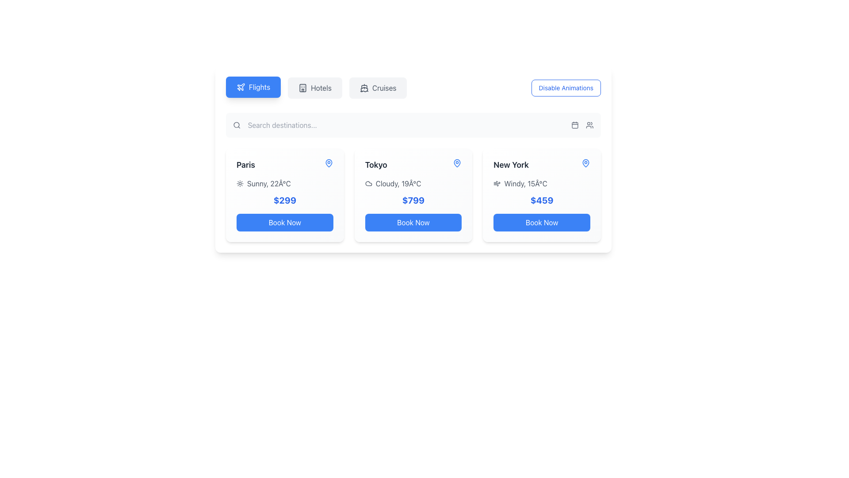 The image size is (849, 478). What do you see at coordinates (511, 165) in the screenshot?
I see `the text label indicating the name of the location on the rightmost card in the row` at bounding box center [511, 165].